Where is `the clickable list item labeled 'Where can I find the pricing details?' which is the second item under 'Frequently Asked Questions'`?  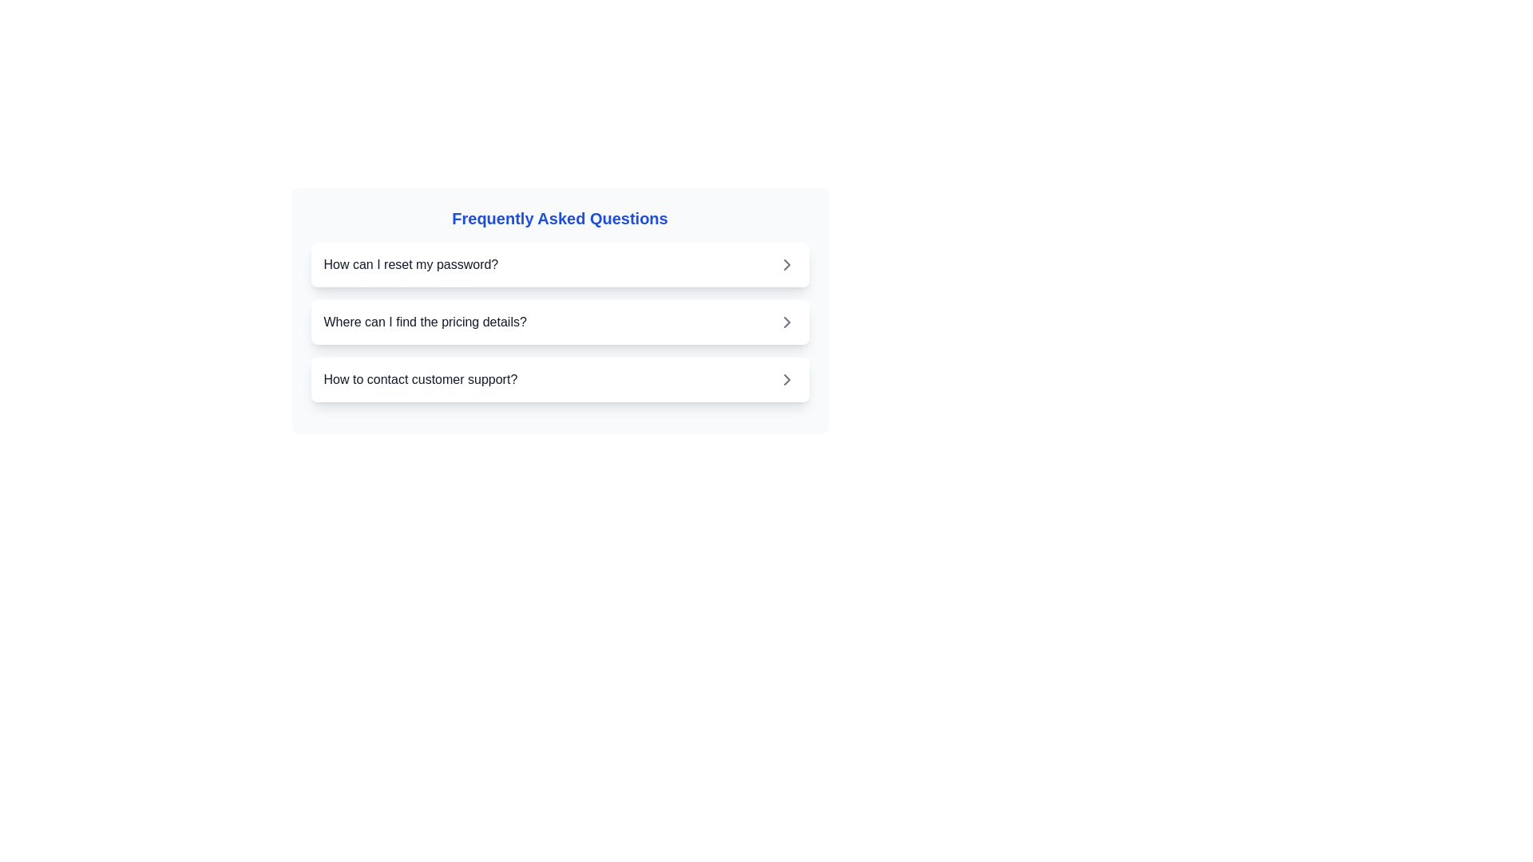 the clickable list item labeled 'Where can I find the pricing details?' which is the second item under 'Frequently Asked Questions' is located at coordinates (560, 322).